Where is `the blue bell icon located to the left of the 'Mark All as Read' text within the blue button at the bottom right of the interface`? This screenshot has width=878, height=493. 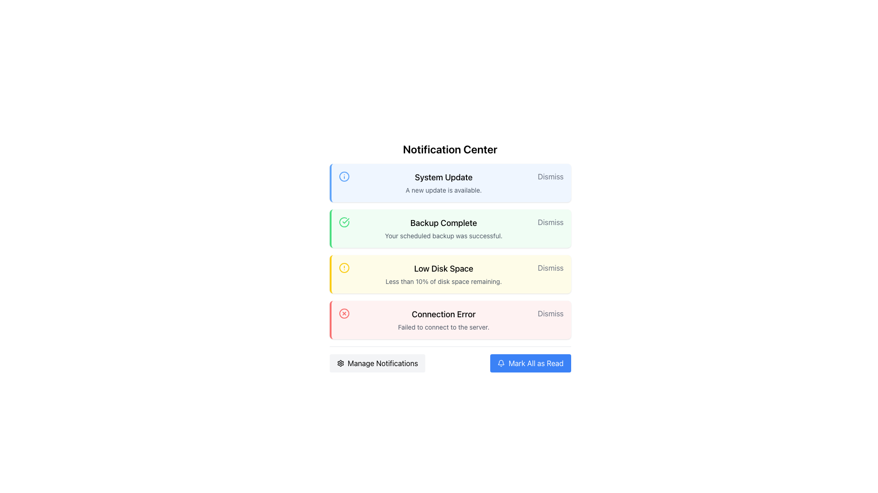
the blue bell icon located to the left of the 'Mark All as Read' text within the blue button at the bottom right of the interface is located at coordinates (501, 362).